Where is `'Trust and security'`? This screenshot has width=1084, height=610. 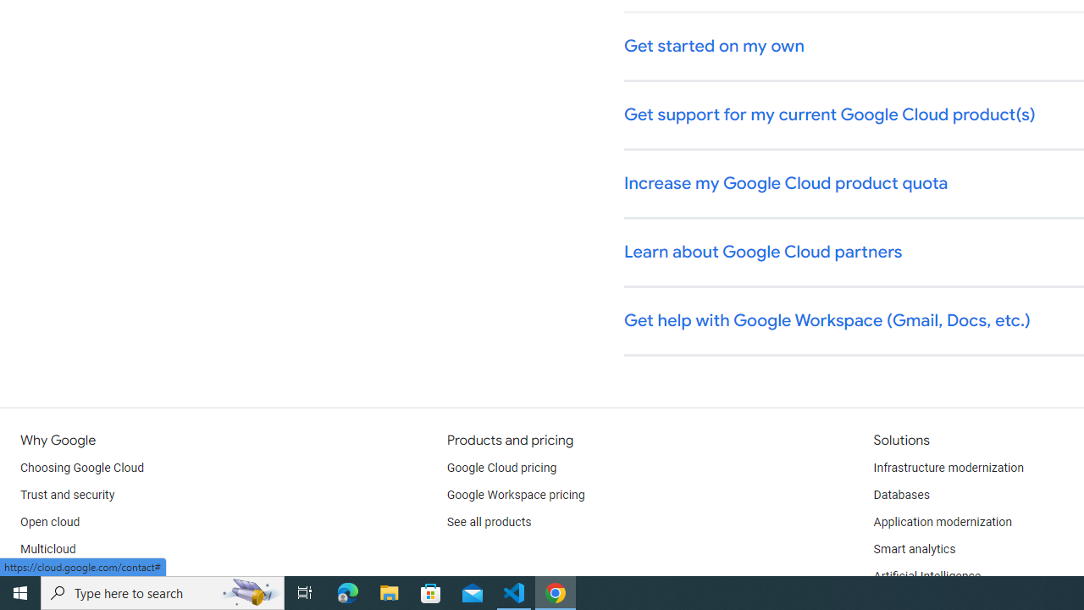
'Trust and security' is located at coordinates (68, 496).